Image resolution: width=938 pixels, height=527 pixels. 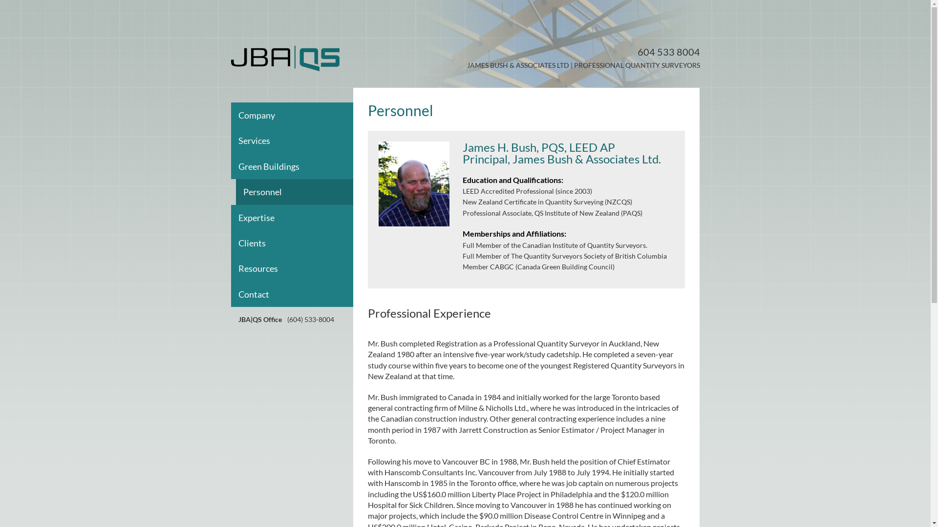 What do you see at coordinates (298, 141) in the screenshot?
I see `'Services'` at bounding box center [298, 141].